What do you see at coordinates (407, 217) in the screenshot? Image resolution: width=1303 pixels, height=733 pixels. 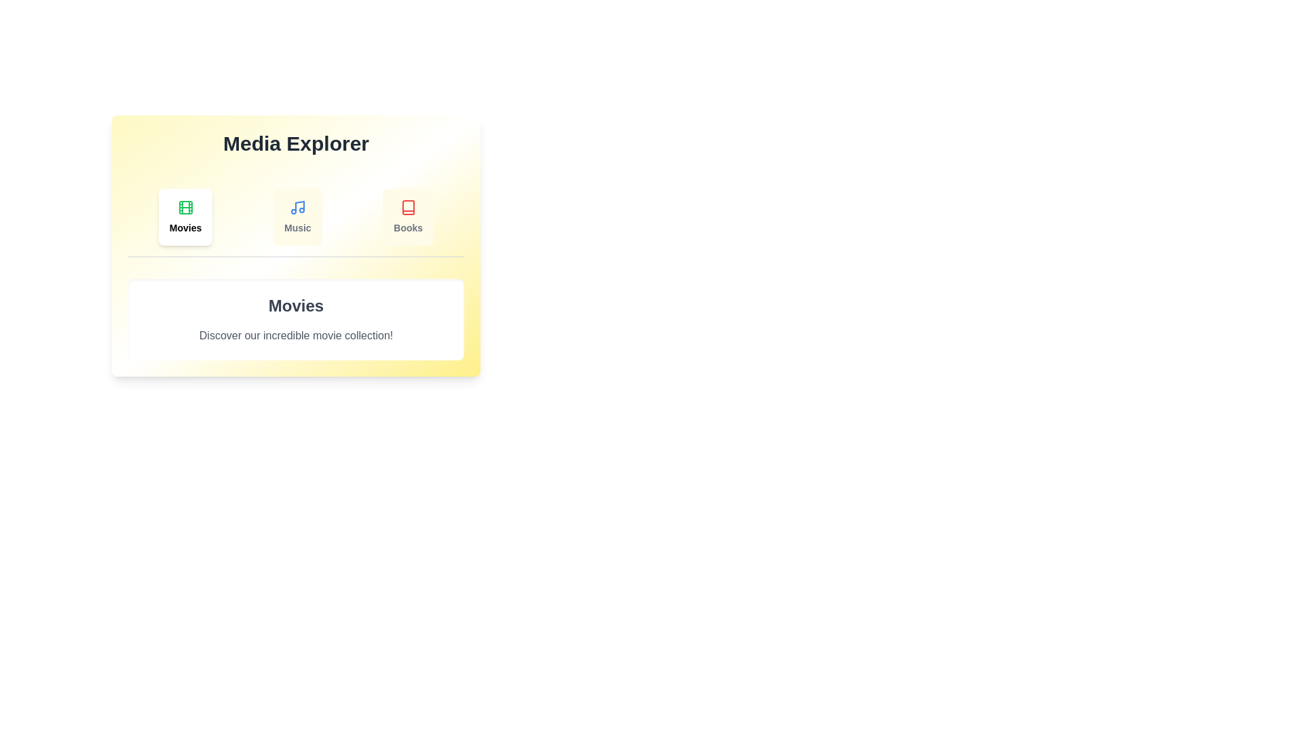 I see `the tab labeled Books` at bounding box center [407, 217].